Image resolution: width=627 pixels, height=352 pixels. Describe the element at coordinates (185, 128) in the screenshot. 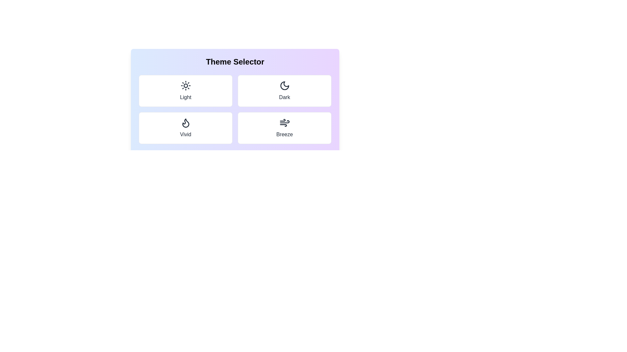

I see `the theme Vivid by clicking its corresponding tile` at that location.